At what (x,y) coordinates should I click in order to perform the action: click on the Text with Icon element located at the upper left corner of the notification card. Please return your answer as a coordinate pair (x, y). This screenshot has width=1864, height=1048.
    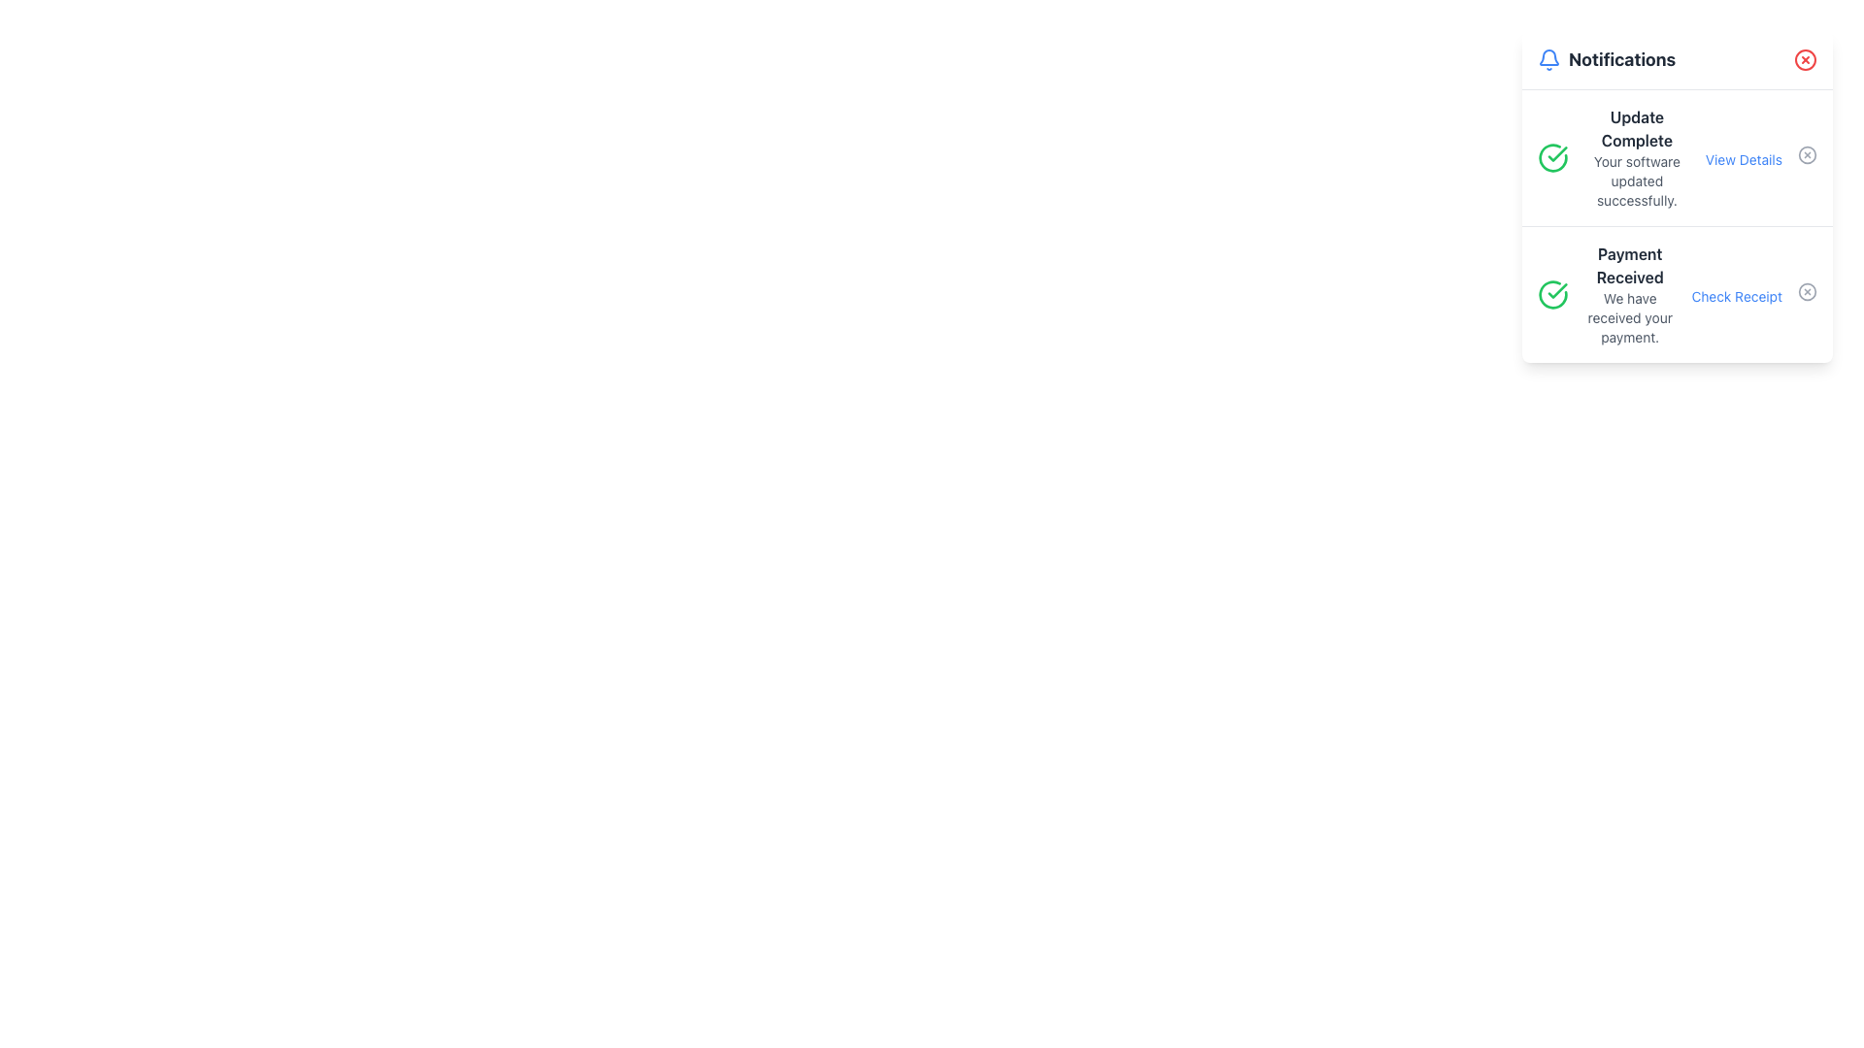
    Looking at the image, I should click on (1607, 58).